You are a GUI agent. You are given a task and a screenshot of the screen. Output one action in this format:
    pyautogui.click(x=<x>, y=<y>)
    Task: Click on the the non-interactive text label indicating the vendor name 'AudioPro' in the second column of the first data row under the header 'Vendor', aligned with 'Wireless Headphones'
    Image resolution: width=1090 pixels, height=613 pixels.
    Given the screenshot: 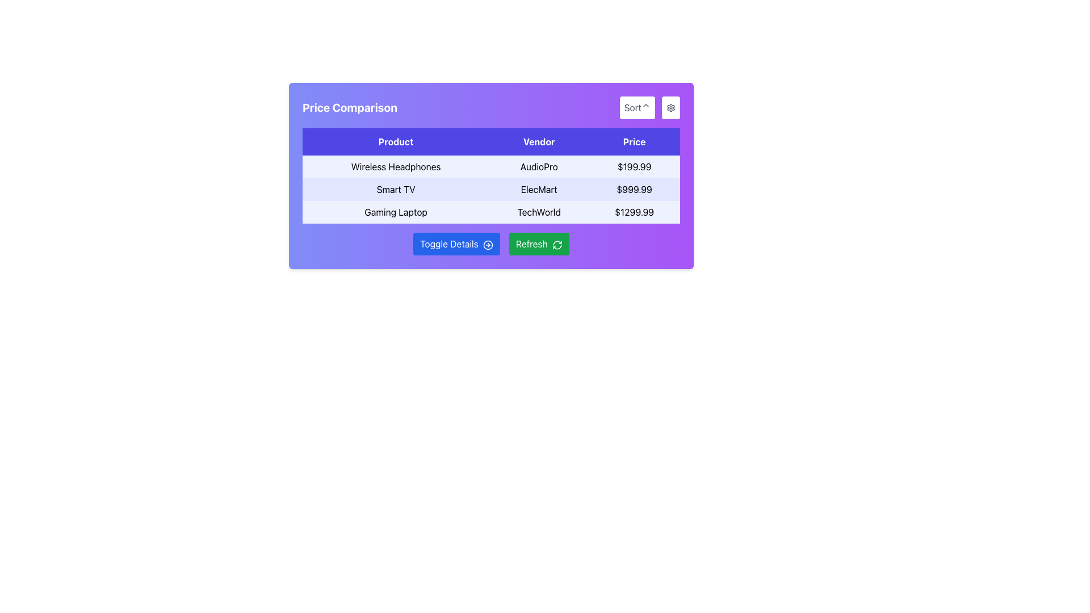 What is the action you would take?
    pyautogui.click(x=538, y=166)
    